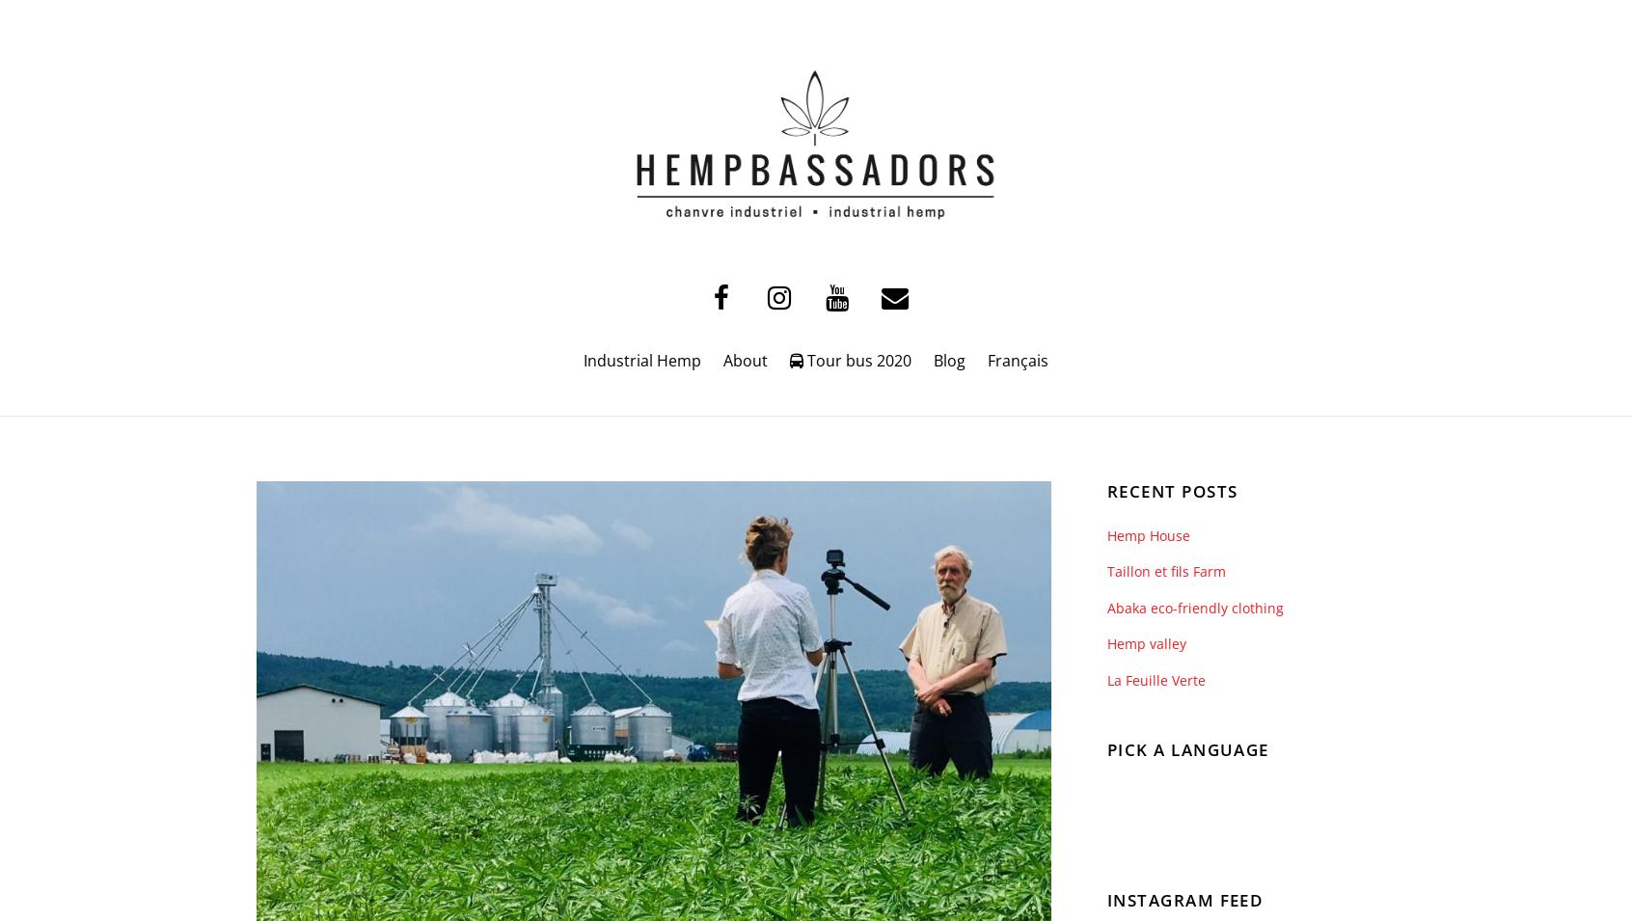 The height and width of the screenshot is (921, 1632). Describe the element at coordinates (1184, 900) in the screenshot. I see `'Instagram Feed'` at that location.